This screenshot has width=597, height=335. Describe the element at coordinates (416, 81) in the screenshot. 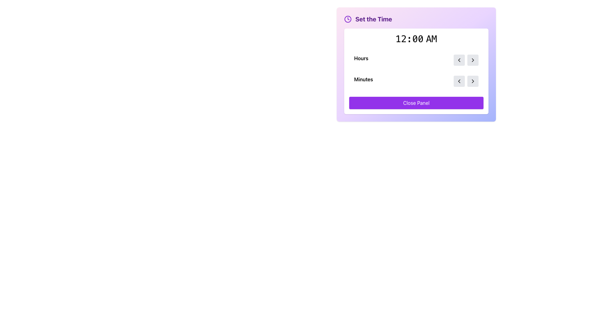

I see `the right arrow button in the Control panel segment labeled 'Minutes' to increment the minutes` at that location.